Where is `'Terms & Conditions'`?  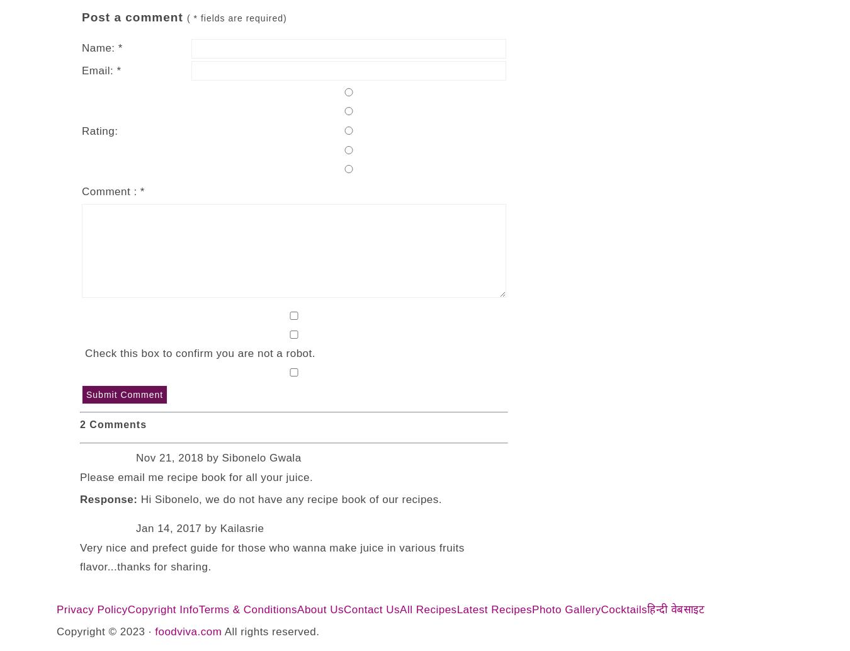
'Terms & Conditions' is located at coordinates (247, 608).